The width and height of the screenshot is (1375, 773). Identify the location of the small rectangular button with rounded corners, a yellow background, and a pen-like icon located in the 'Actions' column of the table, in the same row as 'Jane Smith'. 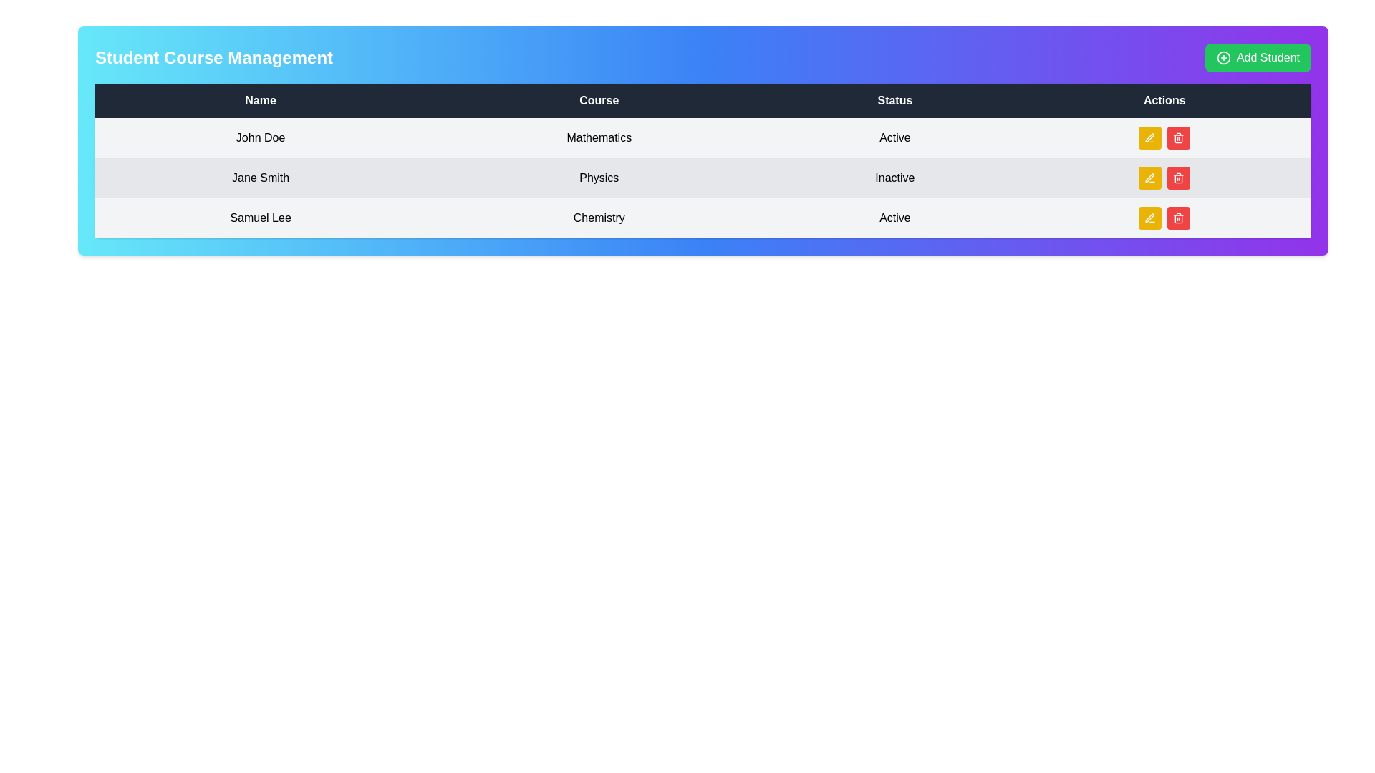
(1150, 178).